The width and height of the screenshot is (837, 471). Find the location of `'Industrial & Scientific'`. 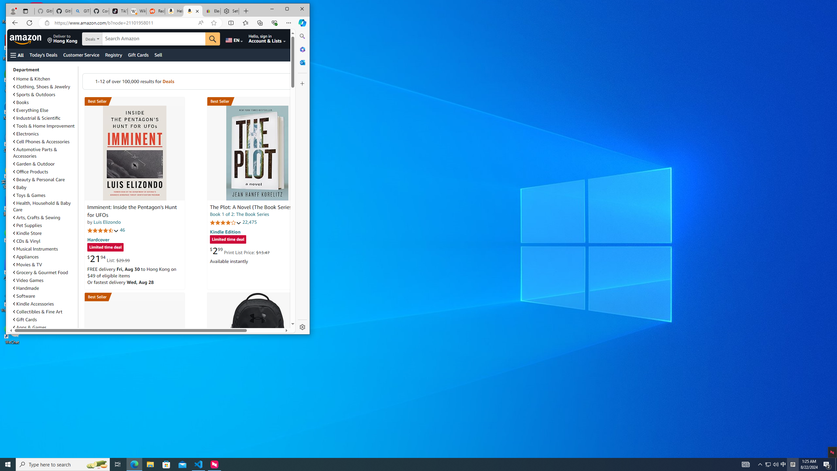

'Industrial & Scientific' is located at coordinates (37, 118).